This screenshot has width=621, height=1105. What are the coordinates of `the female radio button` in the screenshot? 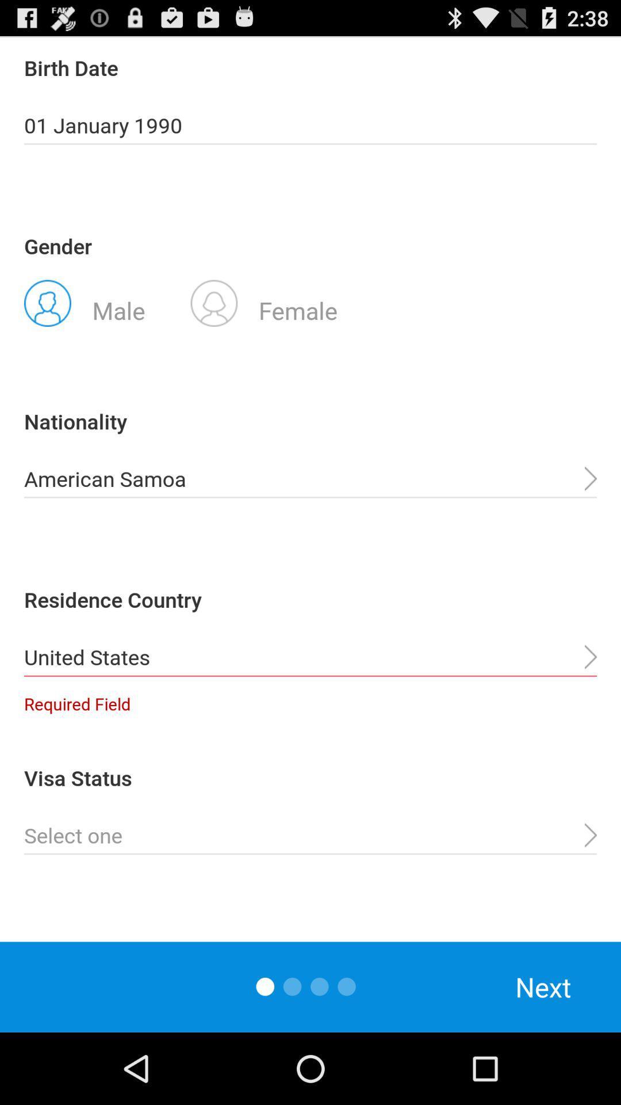 It's located at (264, 302).